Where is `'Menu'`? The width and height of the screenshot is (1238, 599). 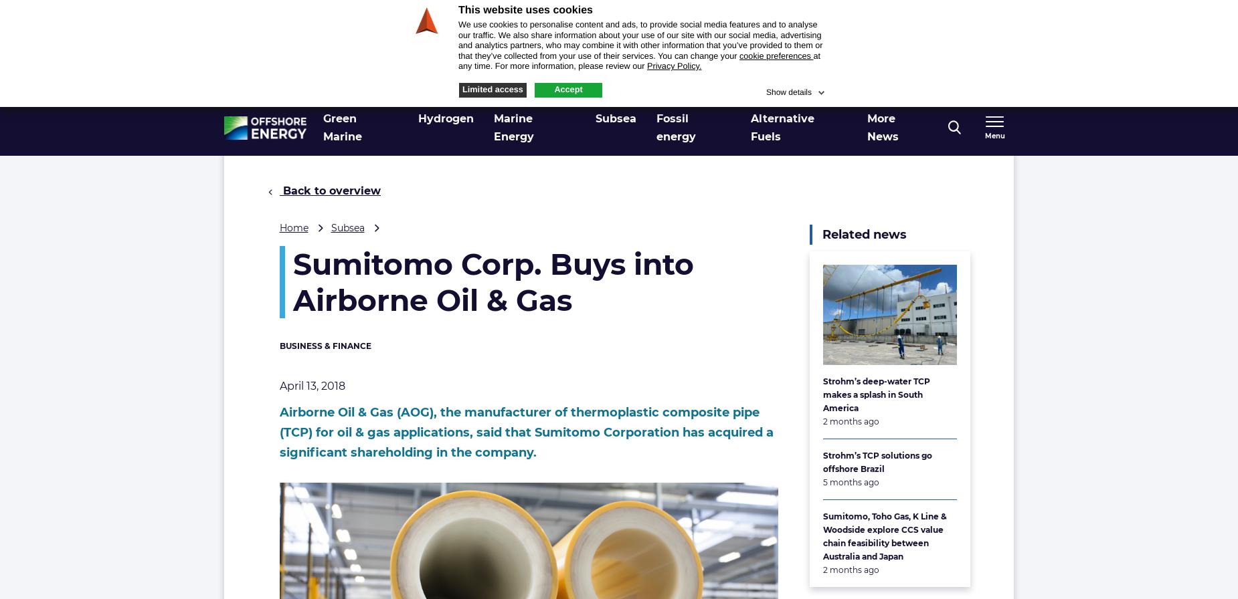
'Menu' is located at coordinates (995, 135).